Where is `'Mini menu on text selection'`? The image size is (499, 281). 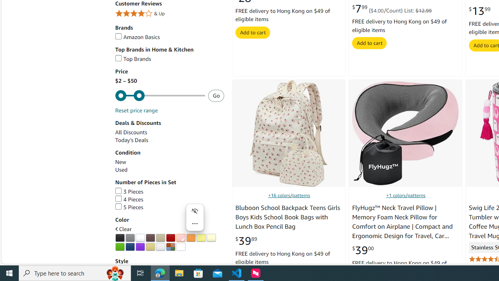 'Mini menu on text selection' is located at coordinates (195, 217).